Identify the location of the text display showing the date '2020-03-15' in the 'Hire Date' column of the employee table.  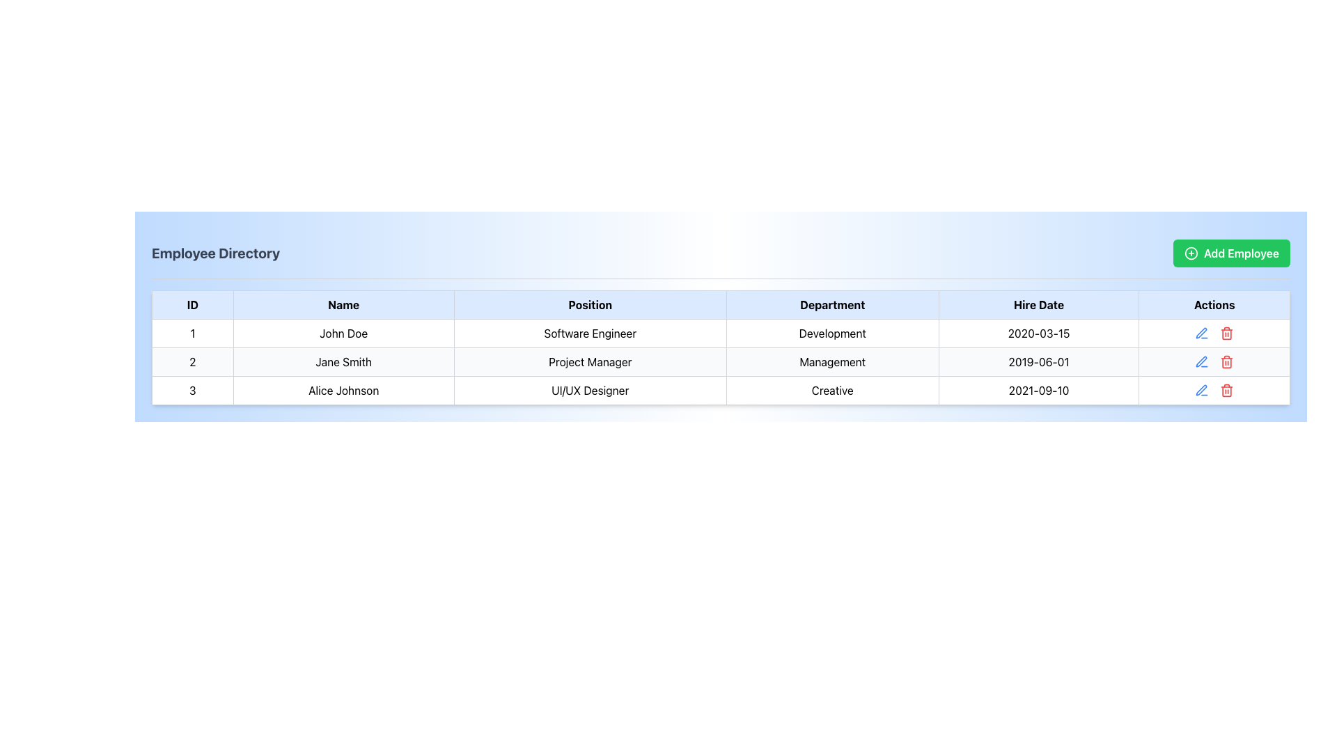
(1039, 333).